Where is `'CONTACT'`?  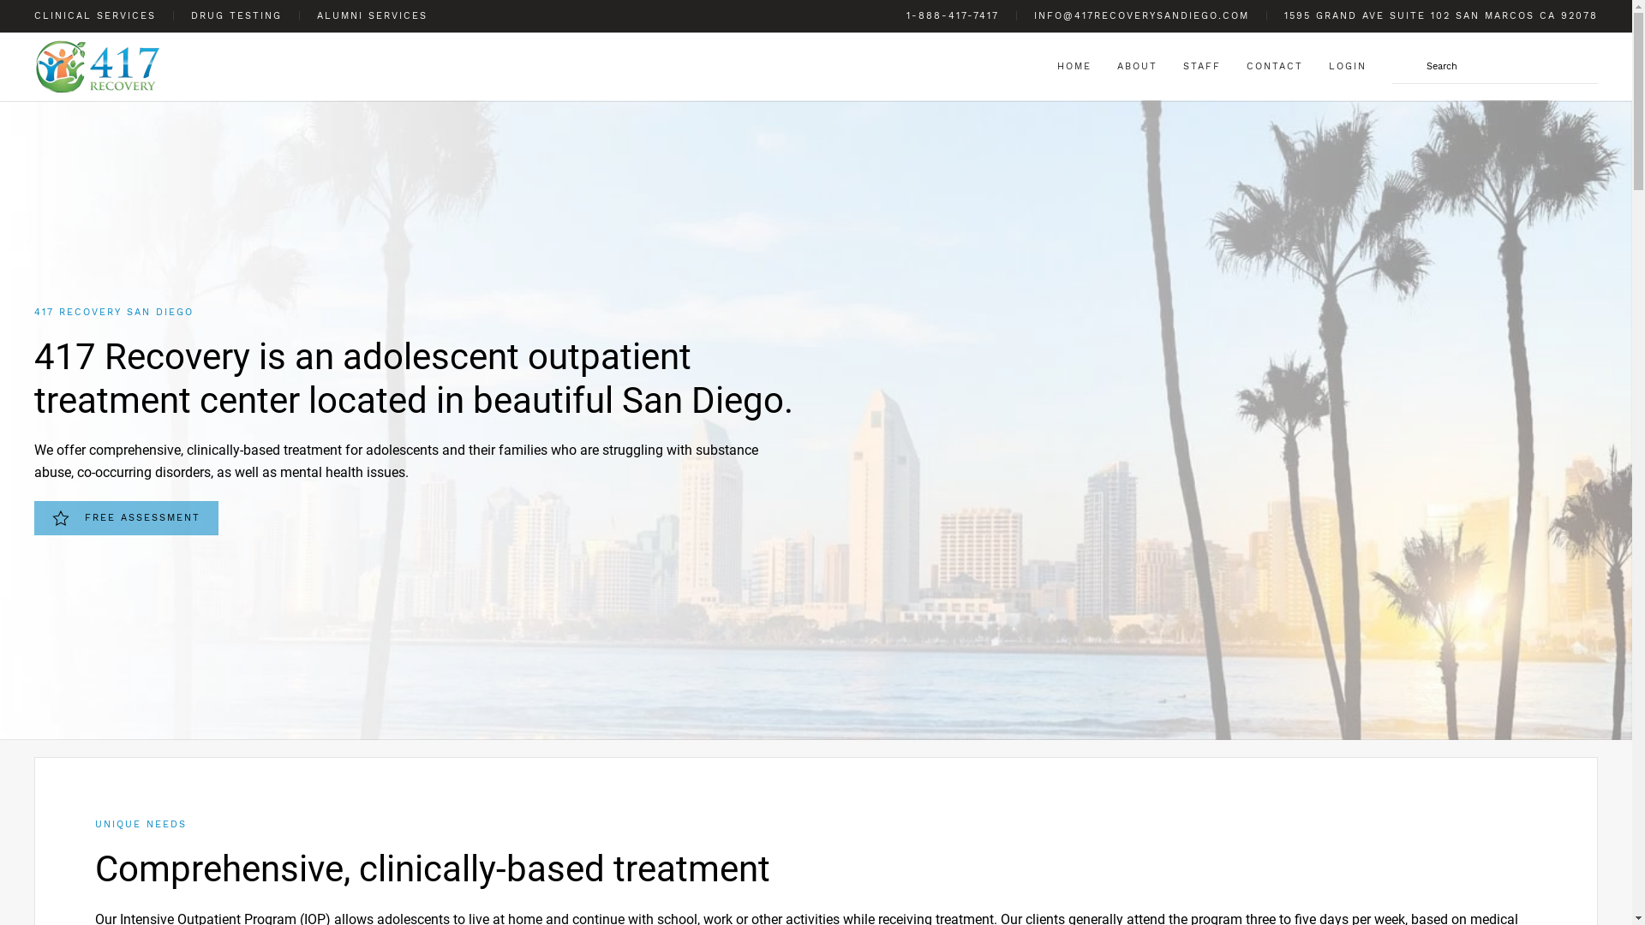 'CONTACT' is located at coordinates (1275, 65).